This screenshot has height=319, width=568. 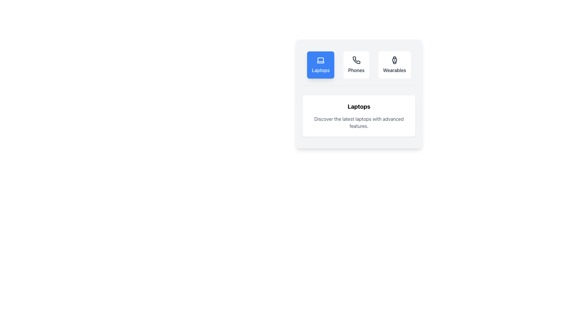 What do you see at coordinates (356, 60) in the screenshot?
I see `the telephony icon located centrally within the 'Phones' button in the second card of a three-card sequence` at bounding box center [356, 60].